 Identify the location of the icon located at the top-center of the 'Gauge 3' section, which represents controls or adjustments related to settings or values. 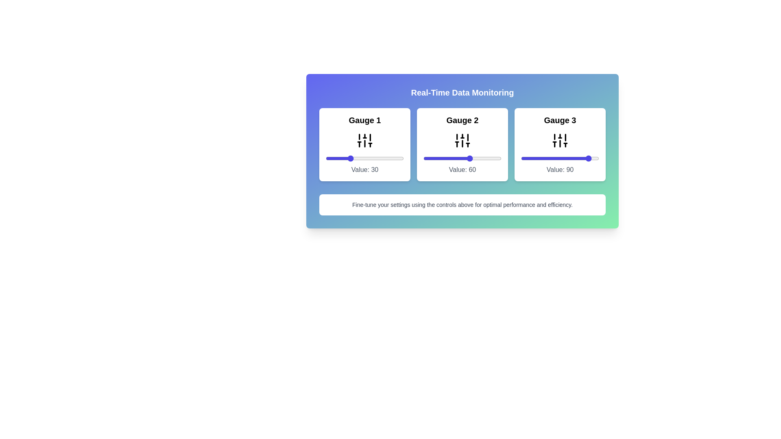
(560, 140).